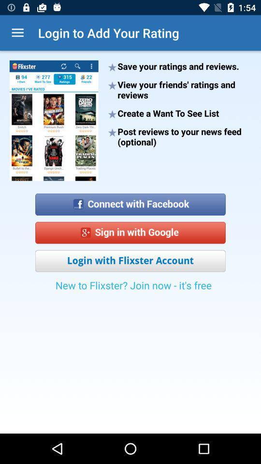  What do you see at coordinates (130, 261) in the screenshot?
I see `item above new to flixster icon` at bounding box center [130, 261].